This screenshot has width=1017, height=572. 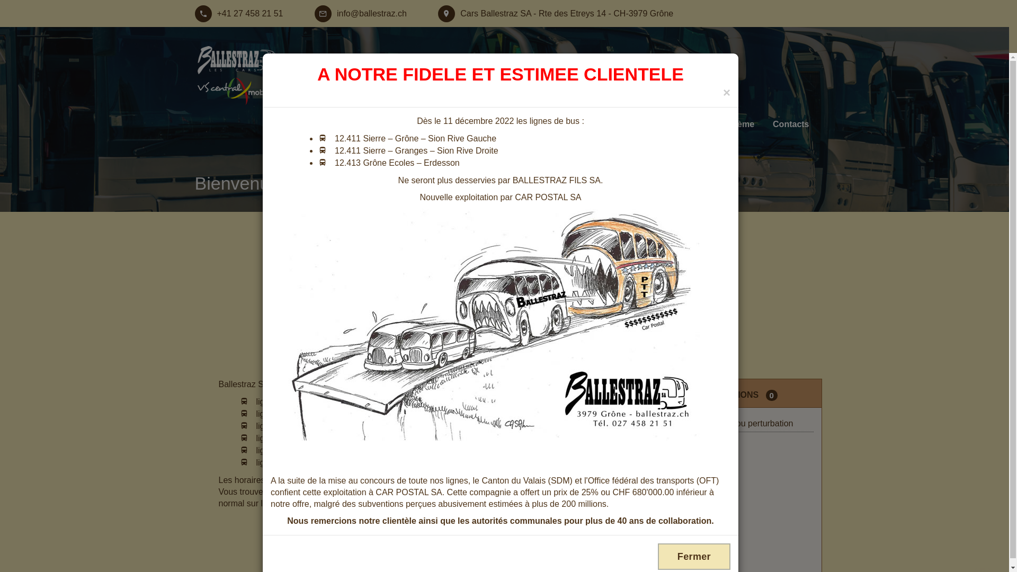 I want to click on 'Contacts', so click(x=790, y=124).